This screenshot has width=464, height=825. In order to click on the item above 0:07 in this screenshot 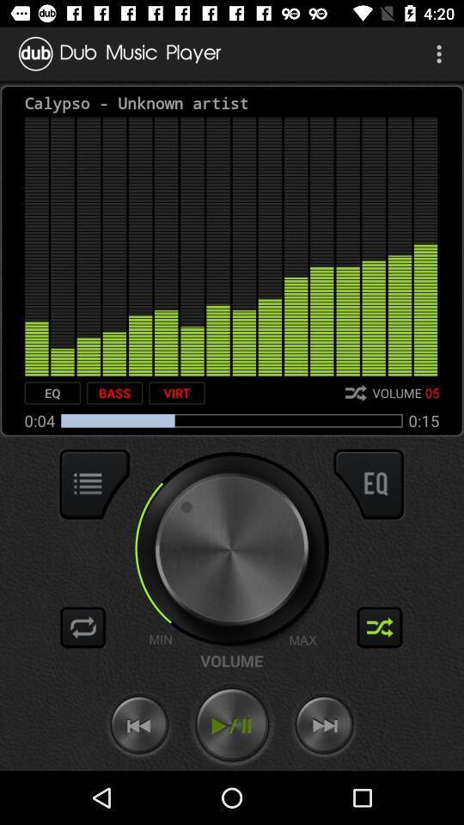, I will do `click(52, 393)`.